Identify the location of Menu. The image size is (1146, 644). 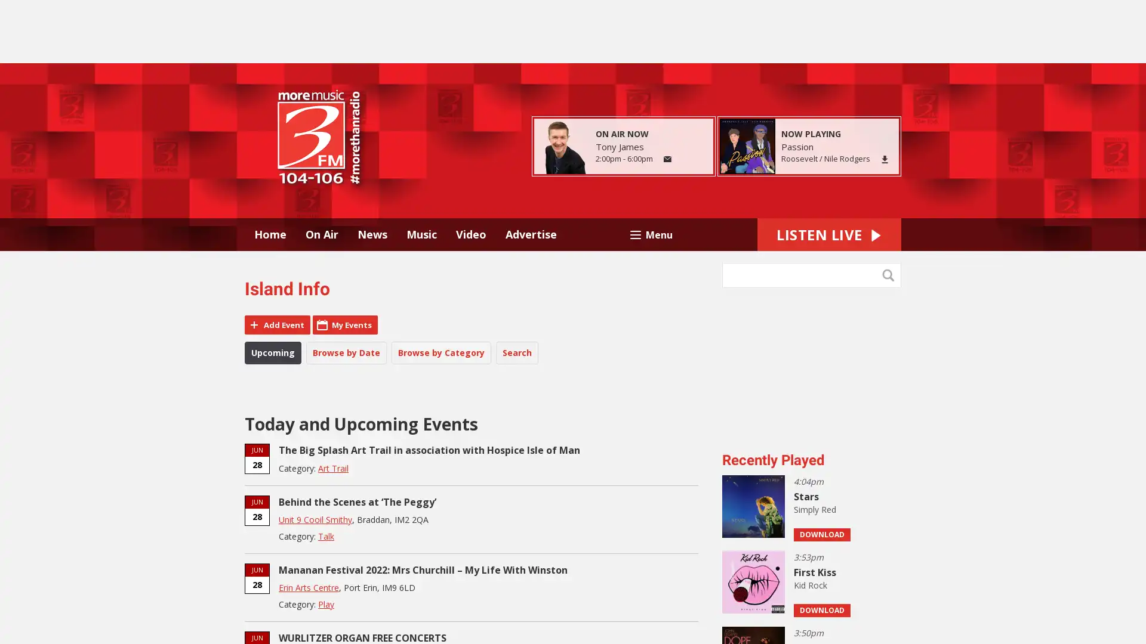
(650, 234).